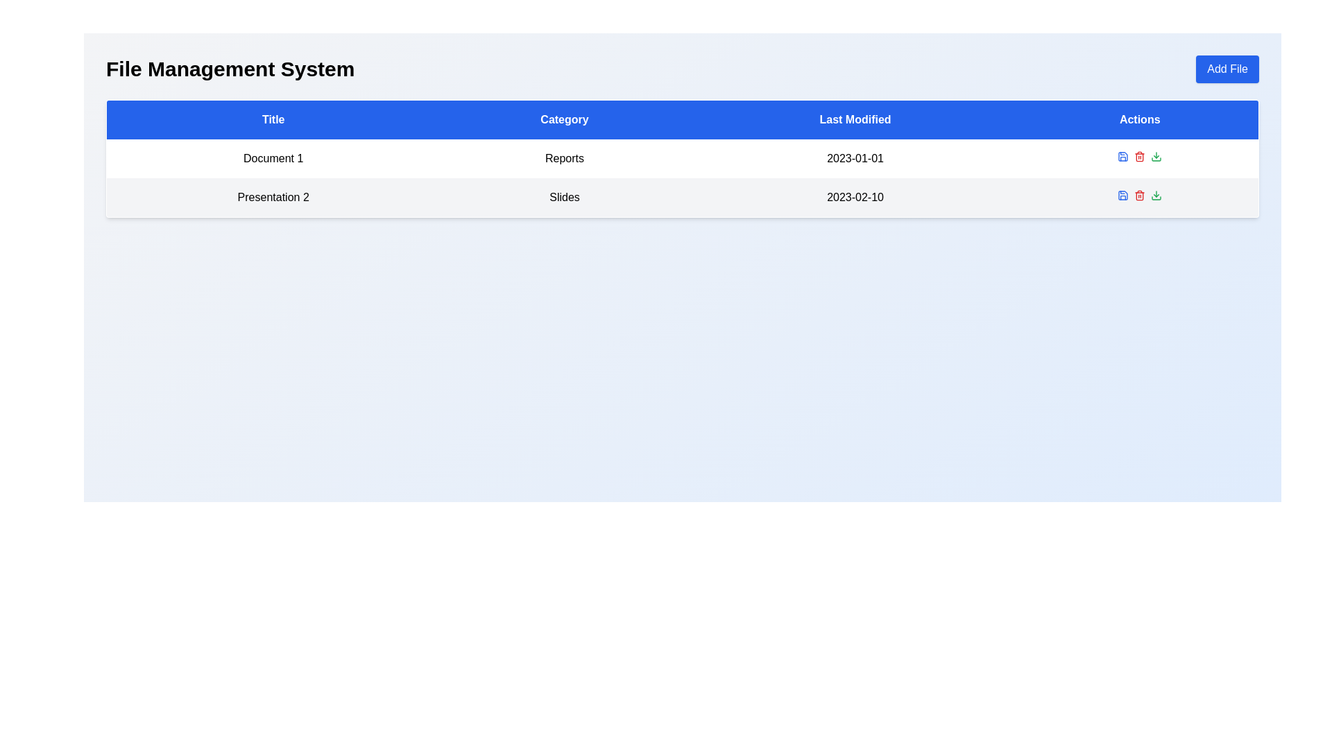 This screenshot has width=1332, height=749. I want to click on the static text element displaying the last modification date '2023-02-10' in the second row of the table under the 'Last Modified' column, so click(855, 198).